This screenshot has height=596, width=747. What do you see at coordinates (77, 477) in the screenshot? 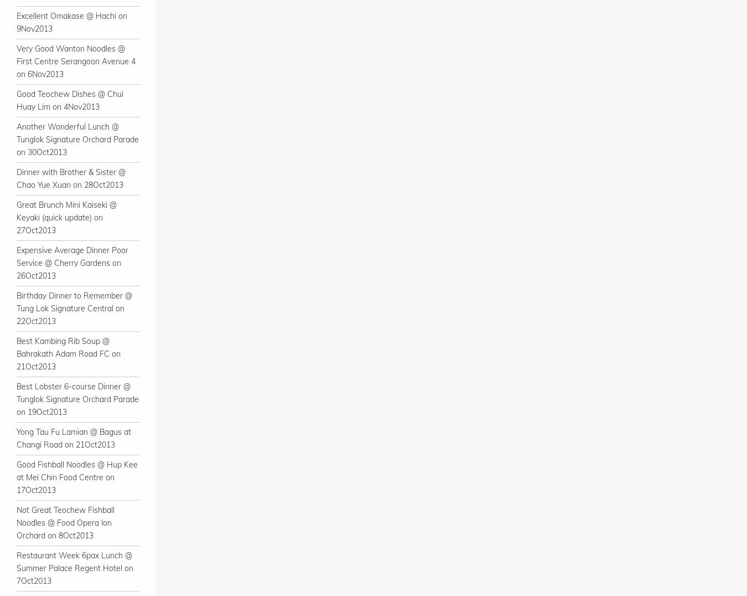
I see `'Good Fishball Noodles @ Hup Kee at Mei Chin Food Centre on 17Oct2013'` at bounding box center [77, 477].